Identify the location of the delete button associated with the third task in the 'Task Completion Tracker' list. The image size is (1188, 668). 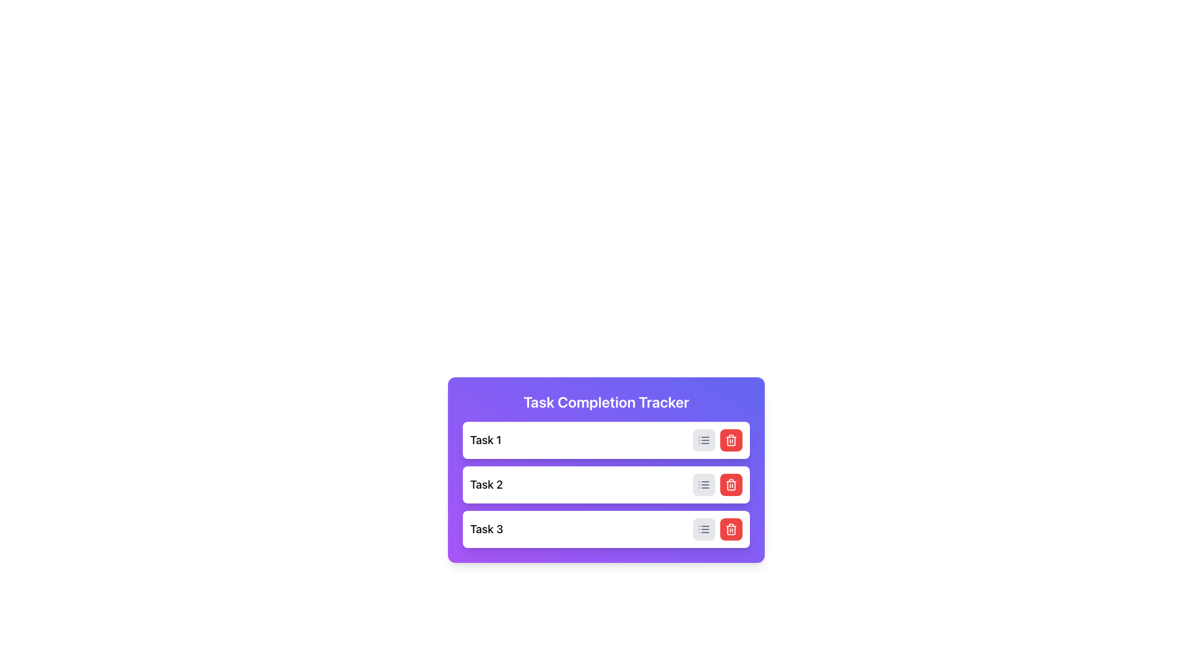
(731, 529).